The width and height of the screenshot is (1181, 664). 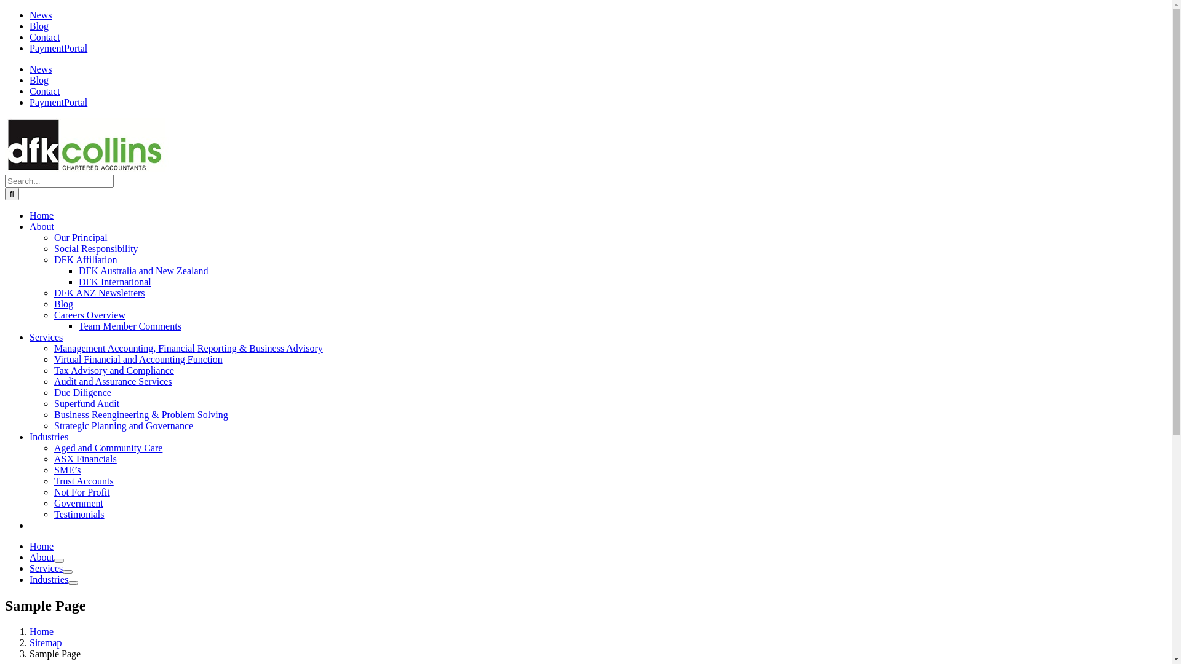 I want to click on 'Government', so click(x=78, y=503).